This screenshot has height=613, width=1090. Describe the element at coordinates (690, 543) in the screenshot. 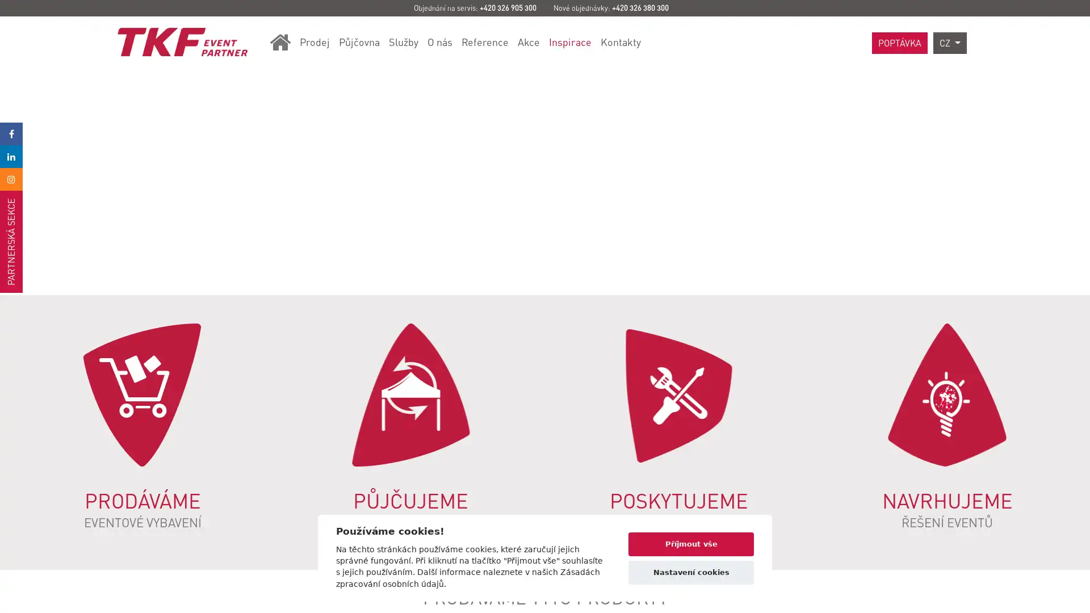

I see `Prijmout vse` at that location.